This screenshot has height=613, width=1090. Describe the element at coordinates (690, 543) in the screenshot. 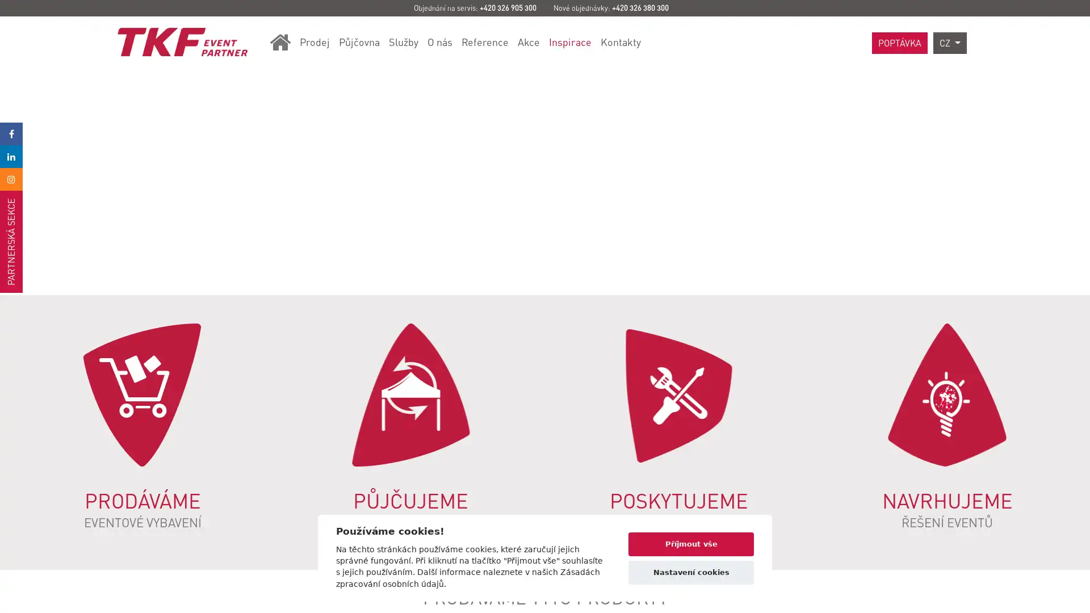

I see `Prijmout vse` at that location.